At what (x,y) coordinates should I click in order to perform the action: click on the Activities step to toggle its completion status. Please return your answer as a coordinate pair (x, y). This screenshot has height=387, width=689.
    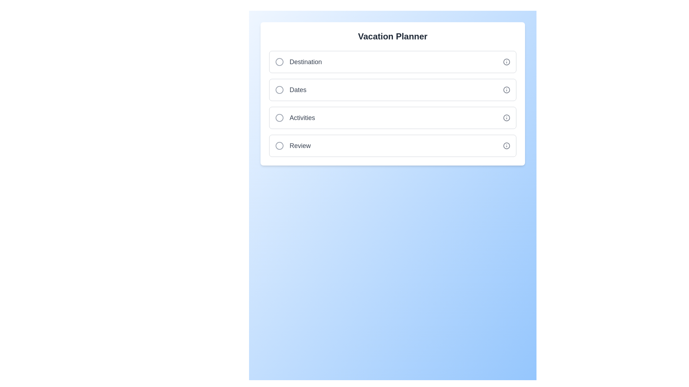
    Looking at the image, I should click on (392, 117).